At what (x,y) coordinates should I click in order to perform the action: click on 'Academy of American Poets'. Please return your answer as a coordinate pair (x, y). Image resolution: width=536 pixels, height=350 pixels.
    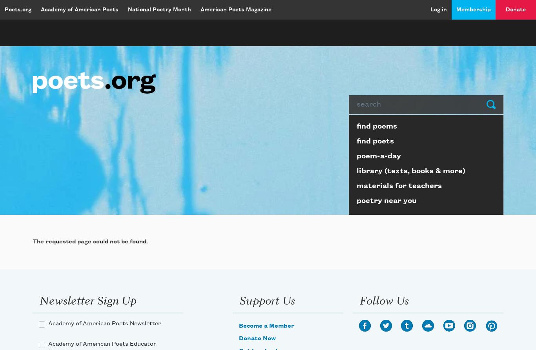
    Looking at the image, I should click on (40, 10).